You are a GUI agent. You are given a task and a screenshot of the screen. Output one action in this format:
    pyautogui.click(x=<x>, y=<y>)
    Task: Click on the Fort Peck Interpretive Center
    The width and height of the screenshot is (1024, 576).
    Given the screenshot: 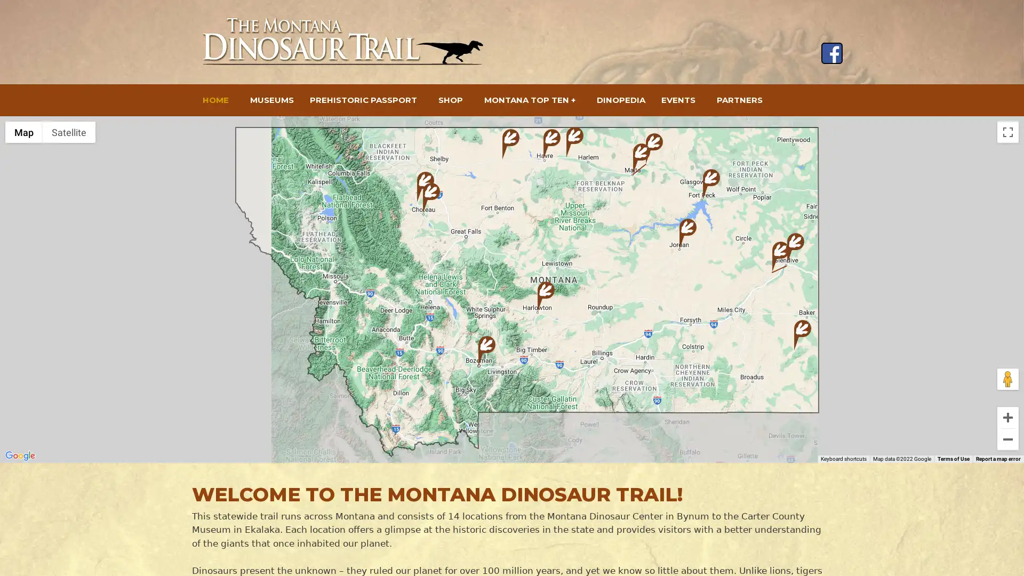 What is the action you would take?
    pyautogui.click(x=711, y=183)
    